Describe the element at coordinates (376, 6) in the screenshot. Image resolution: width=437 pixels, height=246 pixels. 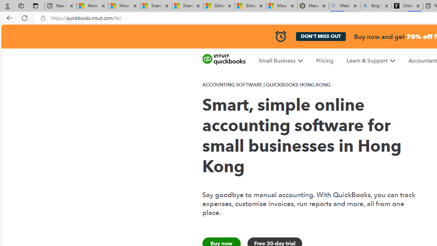
I see `'Bing Real Estate - Home sales and rental listings'` at that location.